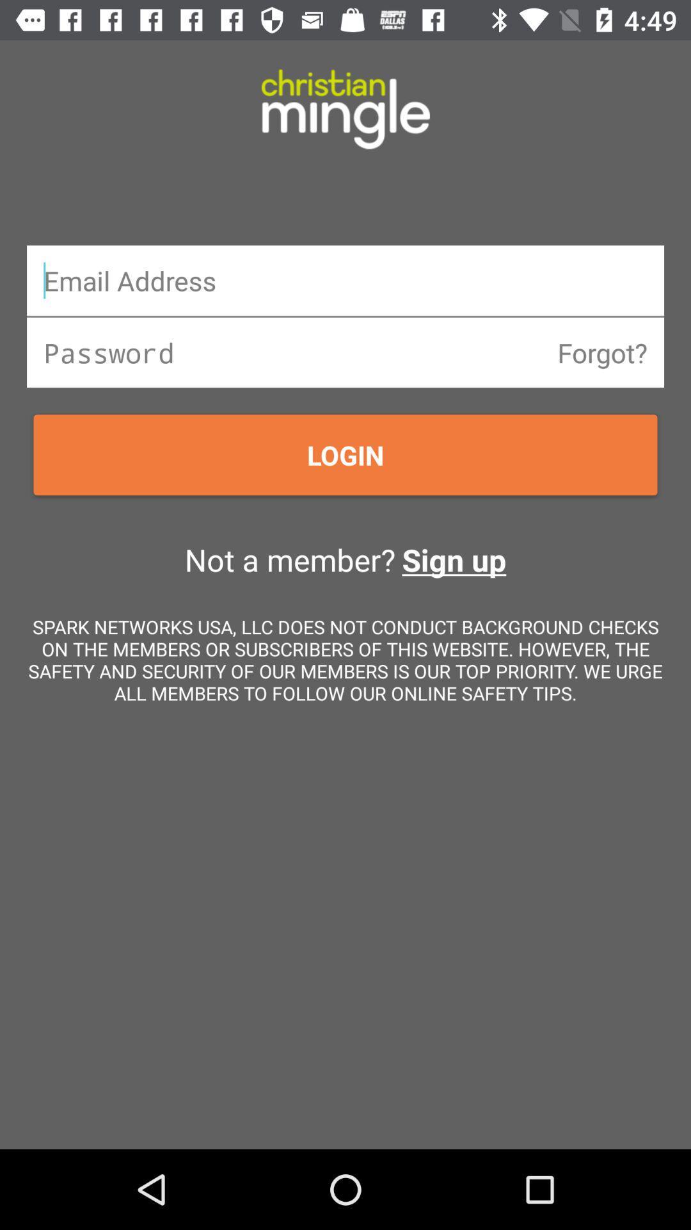 This screenshot has height=1230, width=691. I want to click on email address dialogue box, so click(345, 279).